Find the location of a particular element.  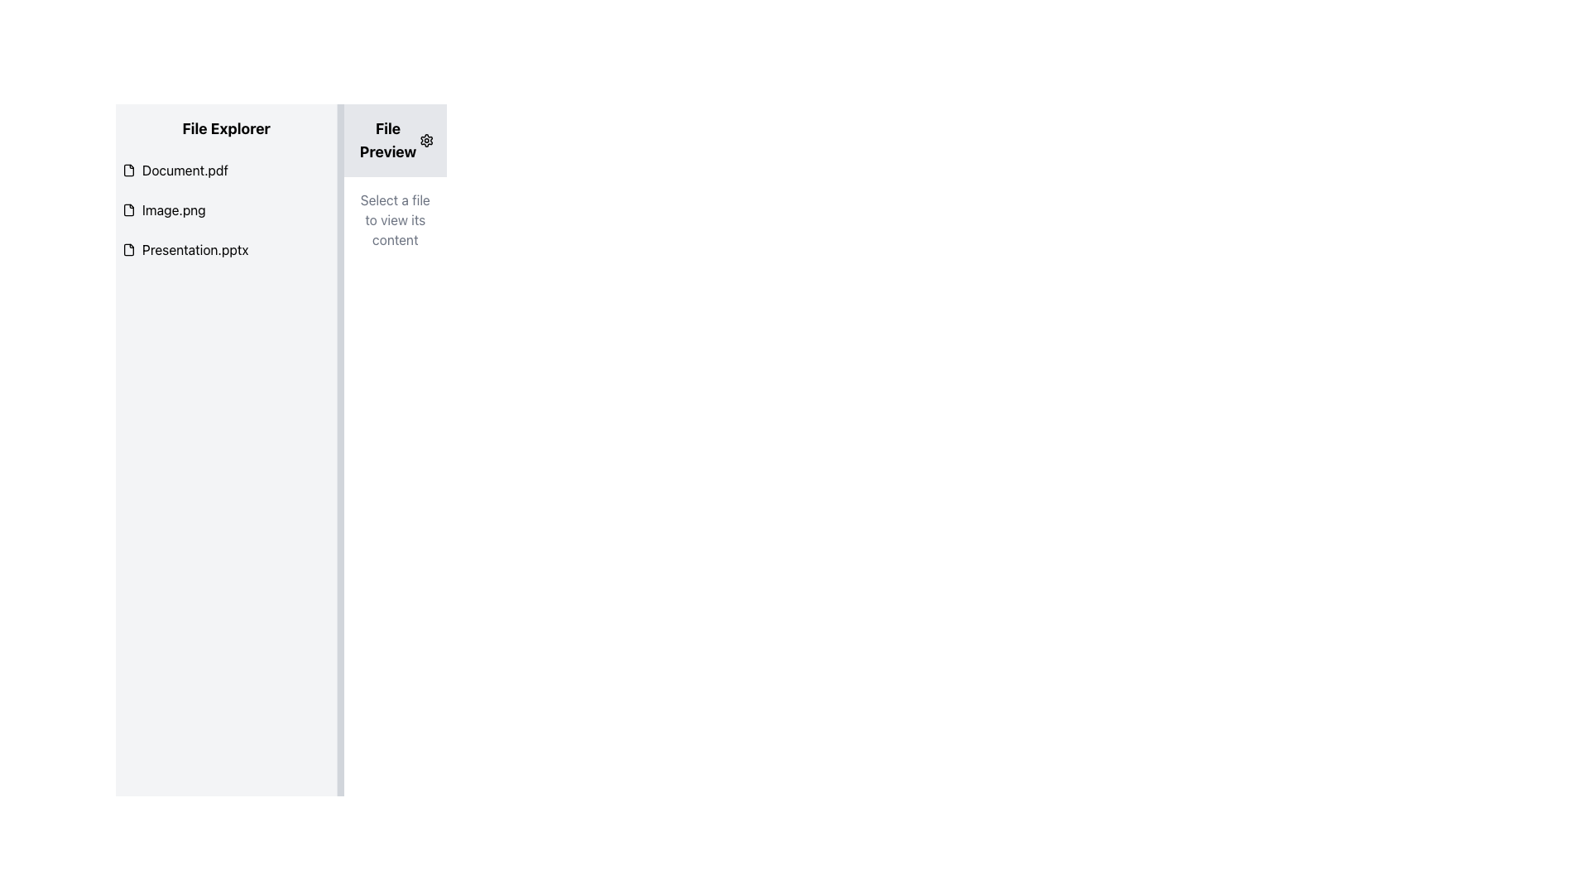

the file 'Presentation.pptx' from the List item in the 'File Explorer' section is located at coordinates (225, 249).